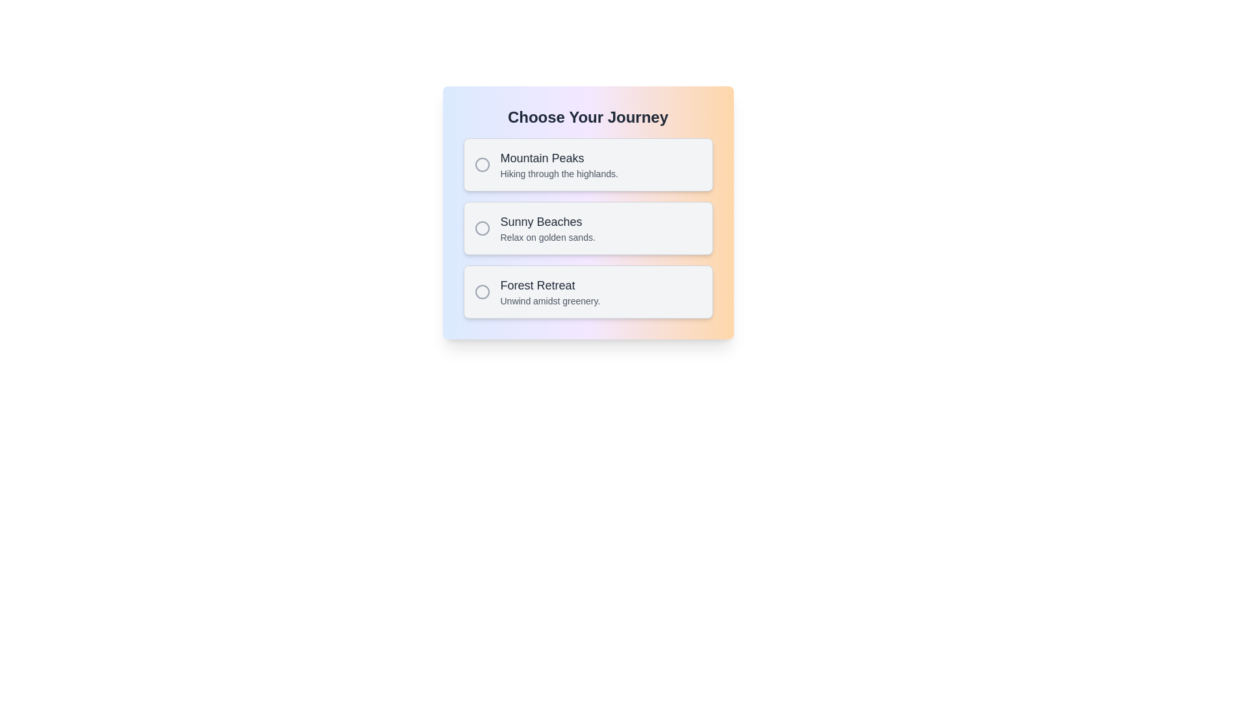 The image size is (1247, 701). I want to click on the static text label element displaying 'Hiking through the highlands.' which is positioned beneath the bold text 'Mountain Peaks.', so click(559, 173).